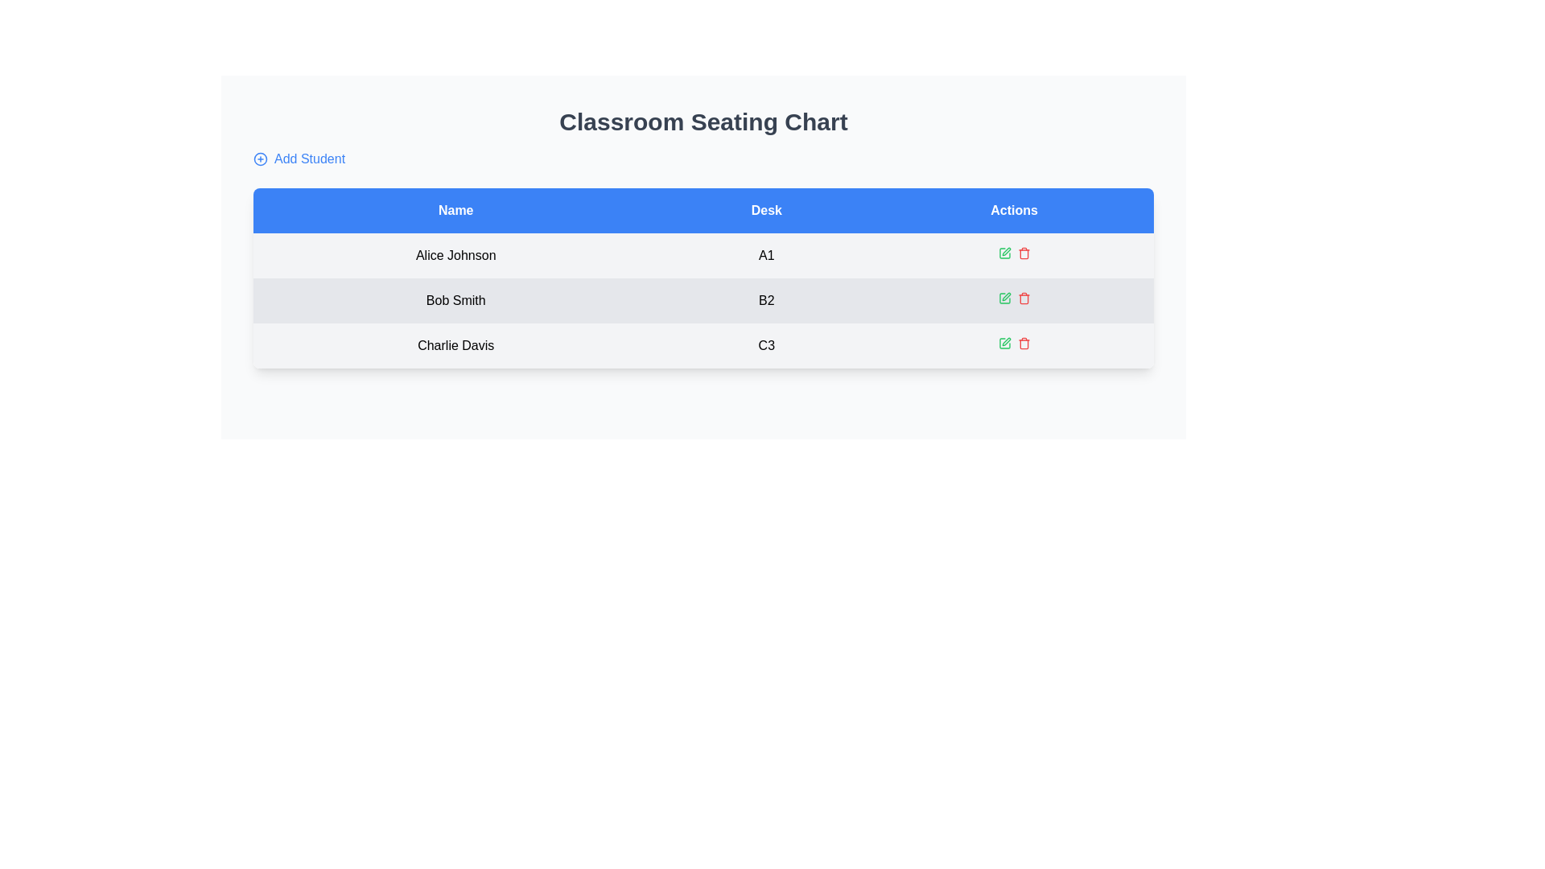 This screenshot has height=869, width=1545. I want to click on the edit icon located in the actions column of the third row next to 'Charlie Davis' and desk 'C3' to initiate the edit action, so click(1004, 340).